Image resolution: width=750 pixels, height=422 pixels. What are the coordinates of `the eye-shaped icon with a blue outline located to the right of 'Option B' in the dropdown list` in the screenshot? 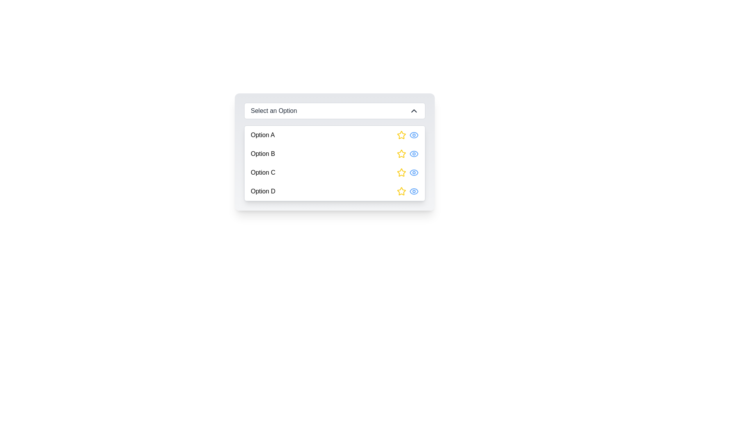 It's located at (414, 154).